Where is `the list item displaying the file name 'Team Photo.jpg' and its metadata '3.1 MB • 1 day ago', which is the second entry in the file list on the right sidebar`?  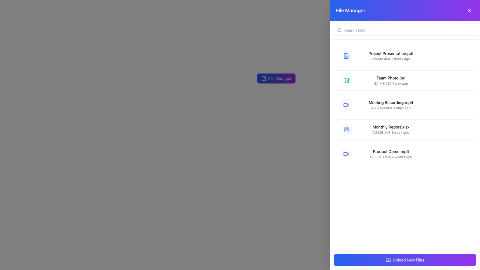
the list item displaying the file name 'Team Photo.jpg' and its metadata '3.1 MB • 1 day ago', which is the second entry in the file list on the right sidebar is located at coordinates (391, 80).